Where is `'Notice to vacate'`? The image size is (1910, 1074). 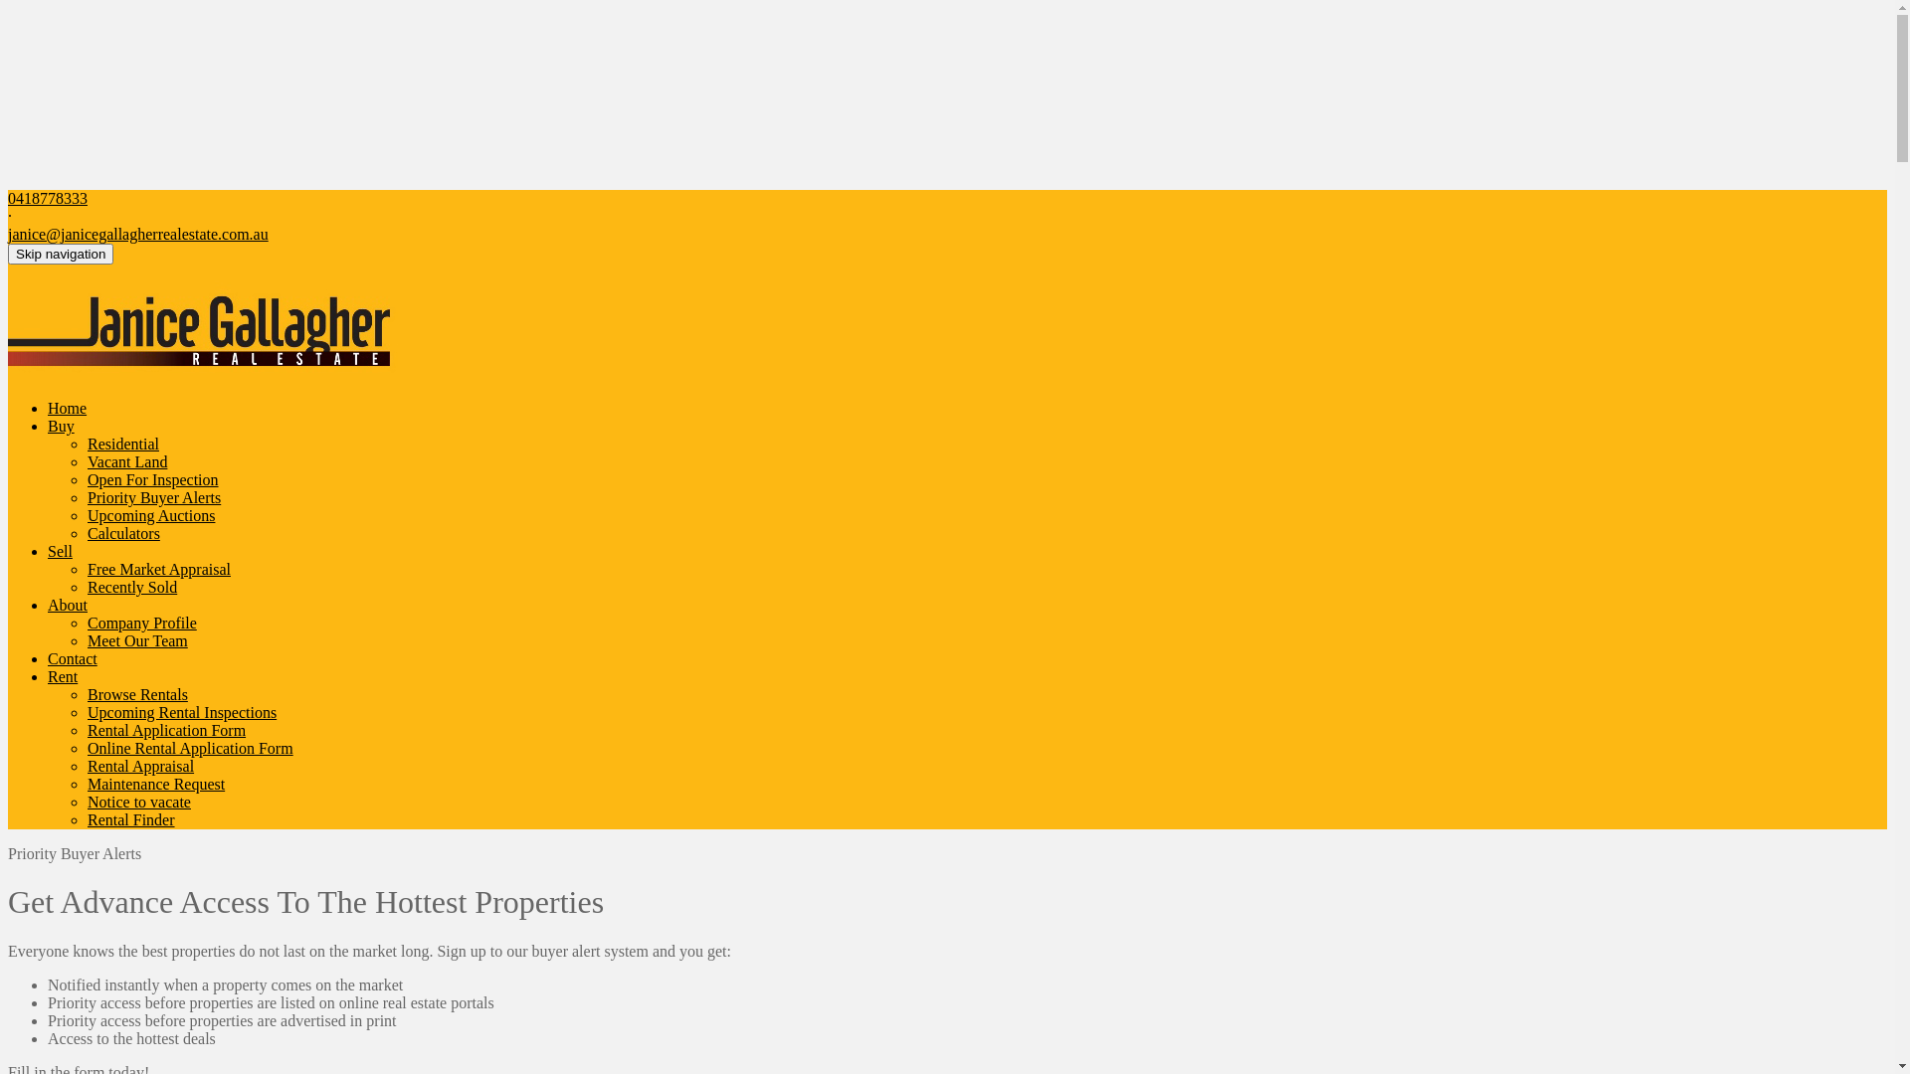
'Notice to vacate' is located at coordinates (137, 801).